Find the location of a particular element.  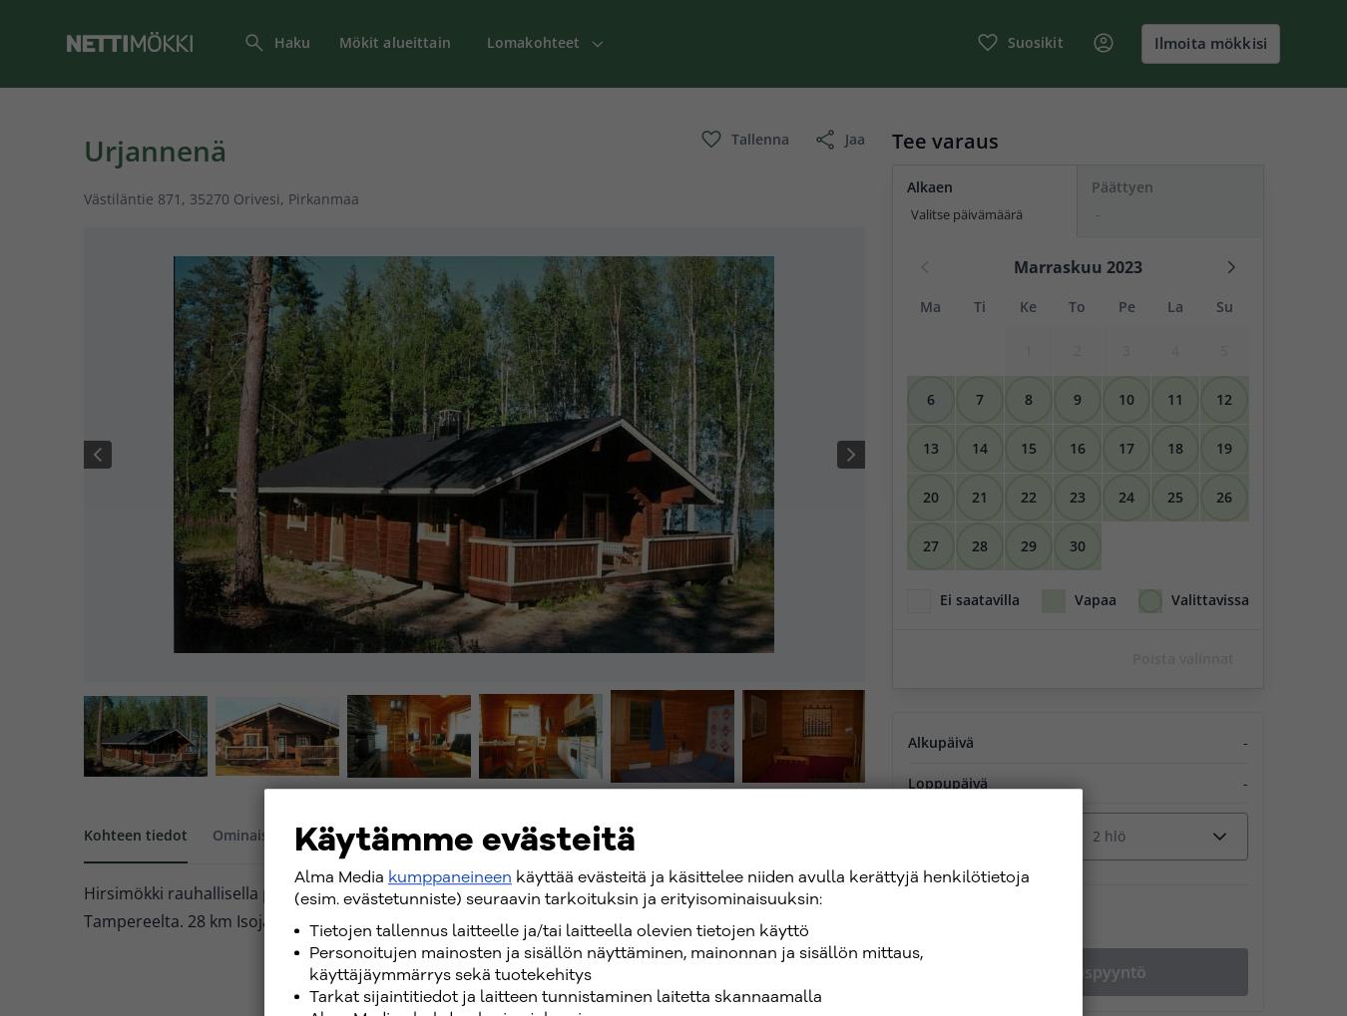

'Kirjaudu yritys' is located at coordinates (1152, 147).